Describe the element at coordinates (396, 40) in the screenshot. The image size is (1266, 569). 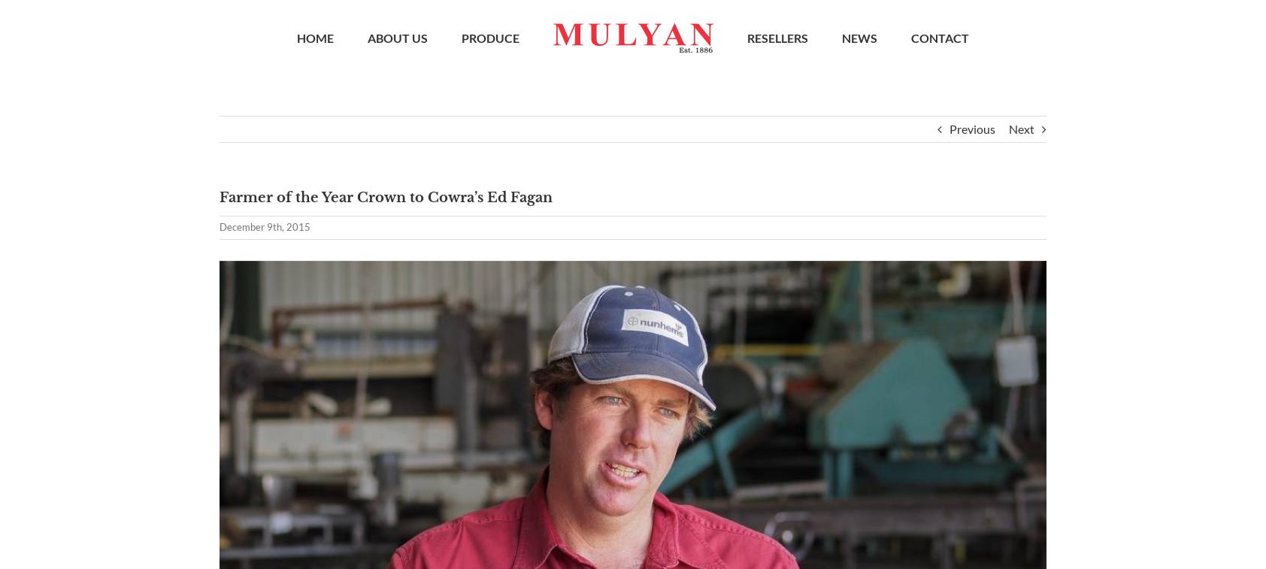
I see `'ABOUT US'` at that location.